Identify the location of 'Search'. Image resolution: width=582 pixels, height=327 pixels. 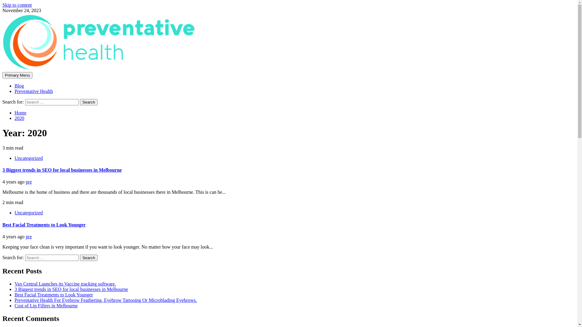
(88, 258).